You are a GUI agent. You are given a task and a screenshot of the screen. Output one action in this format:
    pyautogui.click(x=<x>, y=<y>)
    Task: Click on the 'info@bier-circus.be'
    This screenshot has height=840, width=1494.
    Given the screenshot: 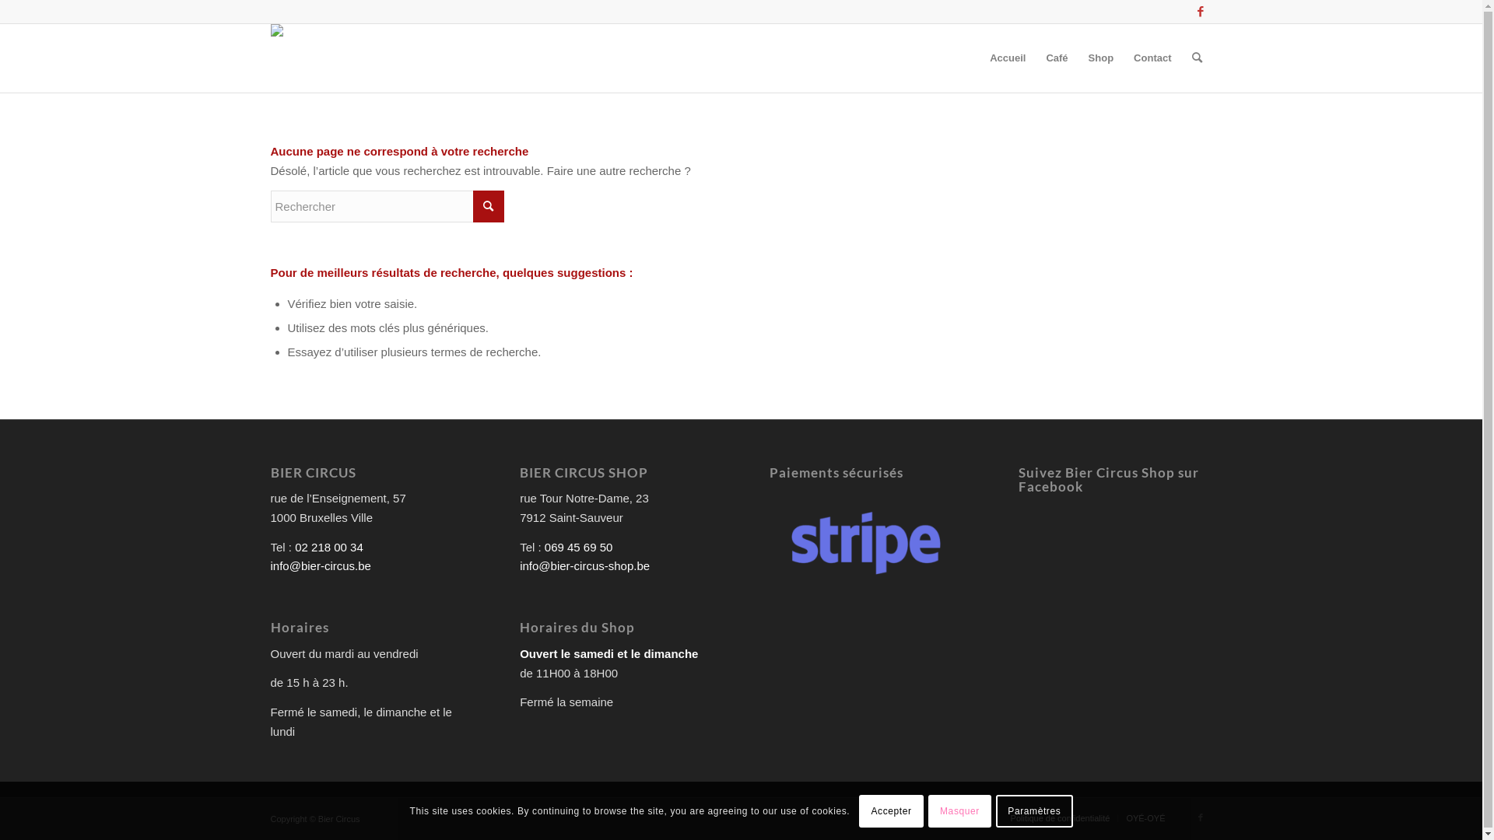 What is the action you would take?
    pyautogui.click(x=320, y=565)
    